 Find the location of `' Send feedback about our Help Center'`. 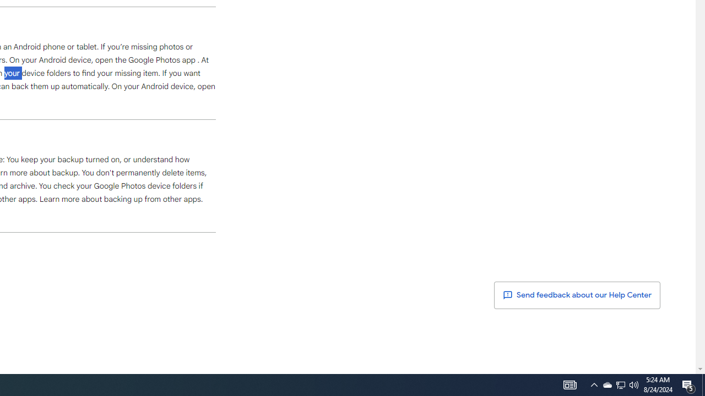

' Send feedback about our Help Center' is located at coordinates (577, 295).